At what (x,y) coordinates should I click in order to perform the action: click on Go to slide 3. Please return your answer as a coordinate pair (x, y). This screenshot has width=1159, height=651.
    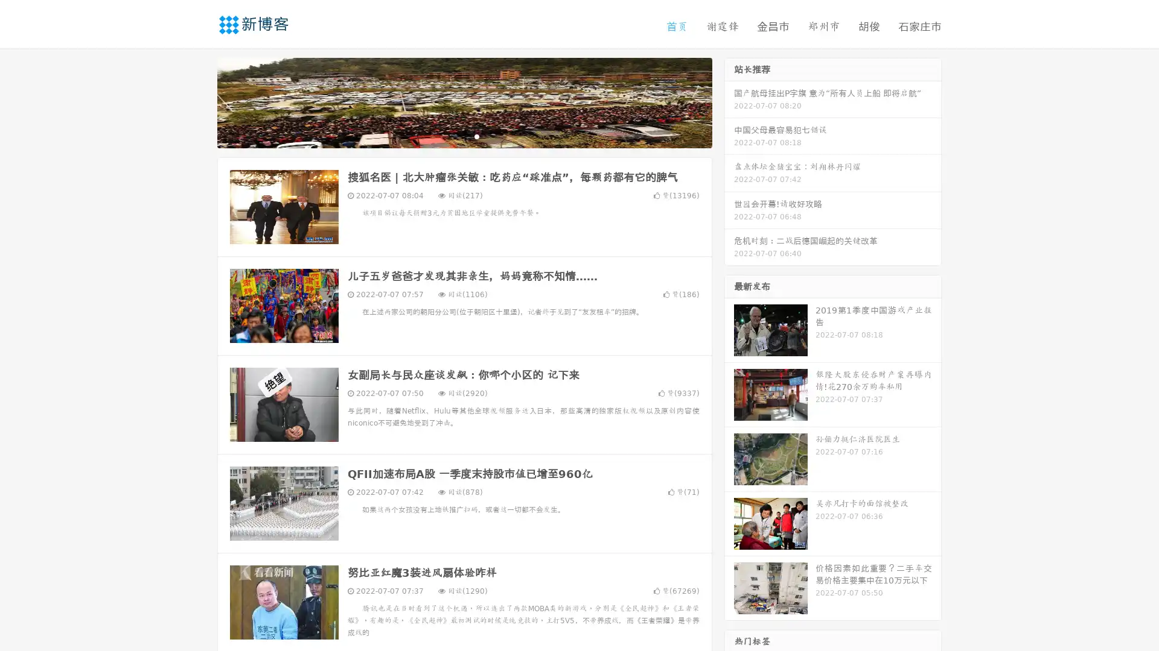
    Looking at the image, I should click on (476, 136).